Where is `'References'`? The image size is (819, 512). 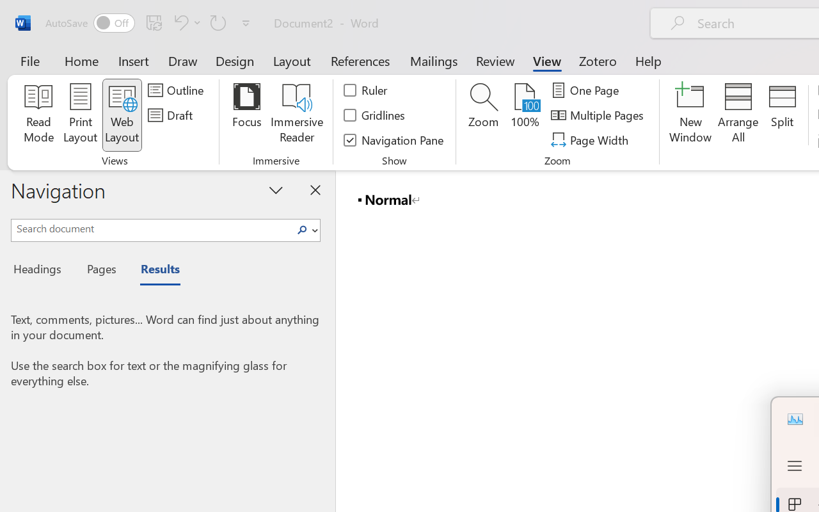
'References' is located at coordinates (360, 60).